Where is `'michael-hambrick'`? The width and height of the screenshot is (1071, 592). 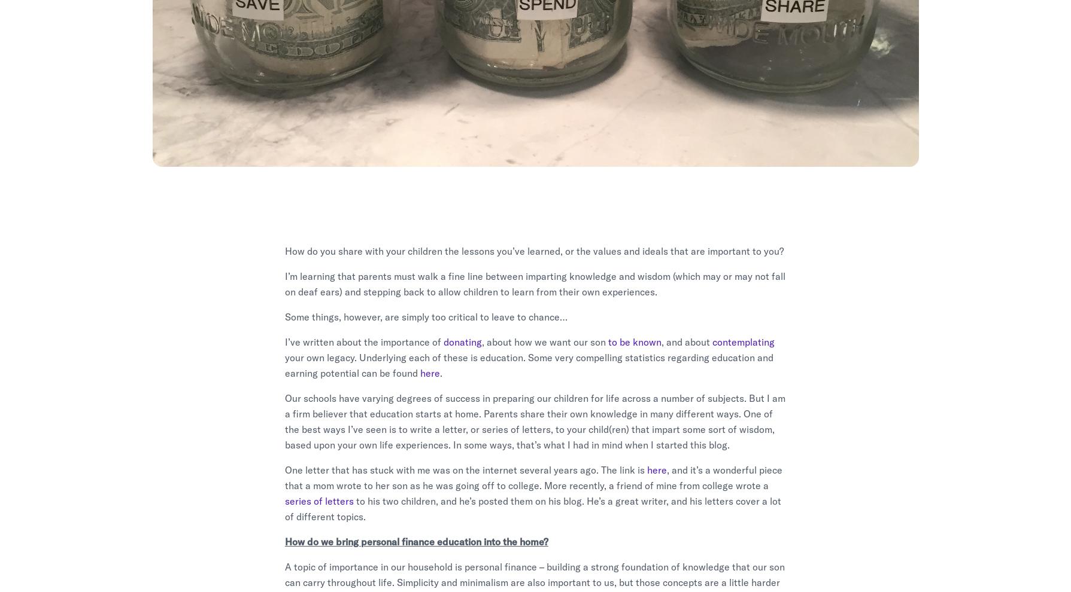
'michael-hambrick' is located at coordinates (365, 226).